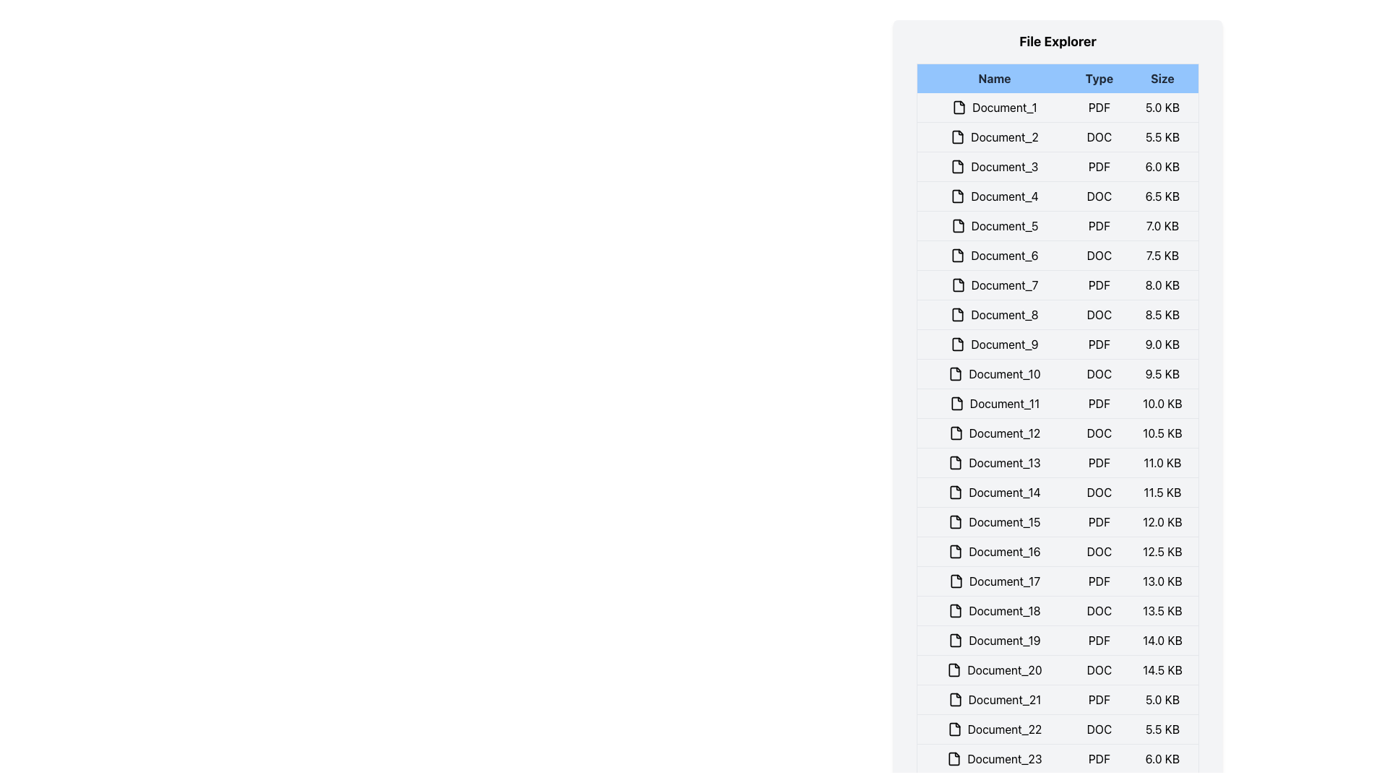 The height and width of the screenshot is (780, 1387). I want to click on the icon representing the file associated with the row labeled 'Document_17', so click(956, 581).